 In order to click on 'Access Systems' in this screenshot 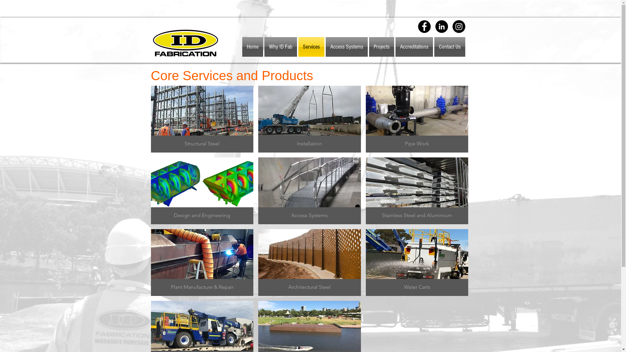, I will do `click(346, 46)`.